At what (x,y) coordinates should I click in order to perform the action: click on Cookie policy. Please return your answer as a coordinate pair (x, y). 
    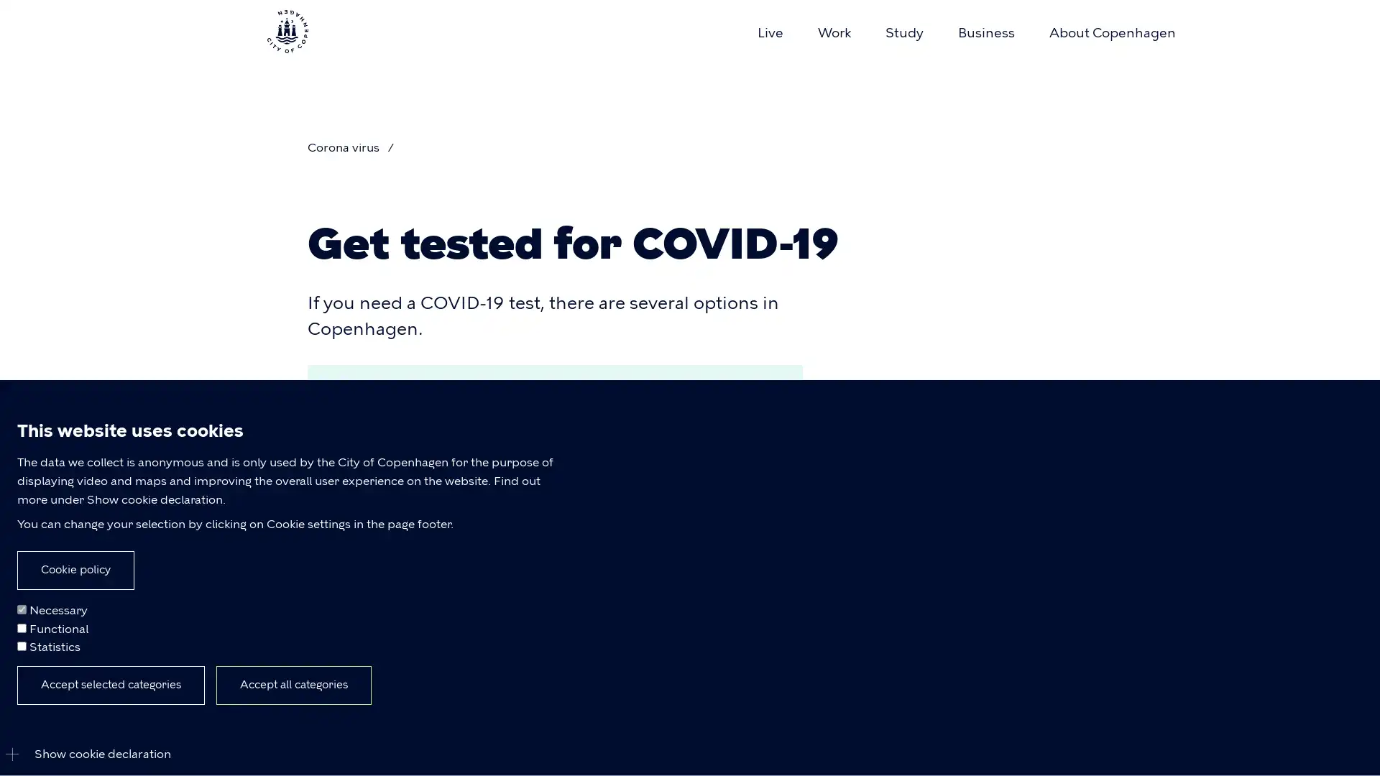
    Looking at the image, I should click on (75, 569).